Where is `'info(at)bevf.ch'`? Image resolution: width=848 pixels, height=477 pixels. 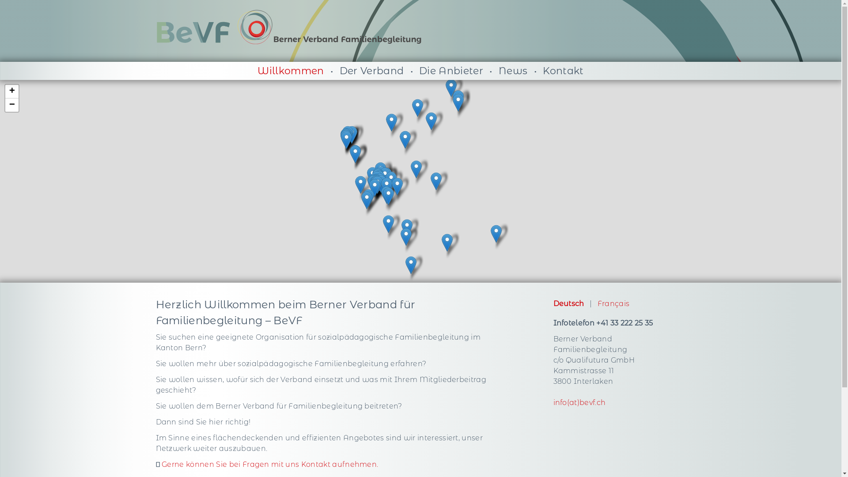
'info(at)bevf.ch' is located at coordinates (579, 402).